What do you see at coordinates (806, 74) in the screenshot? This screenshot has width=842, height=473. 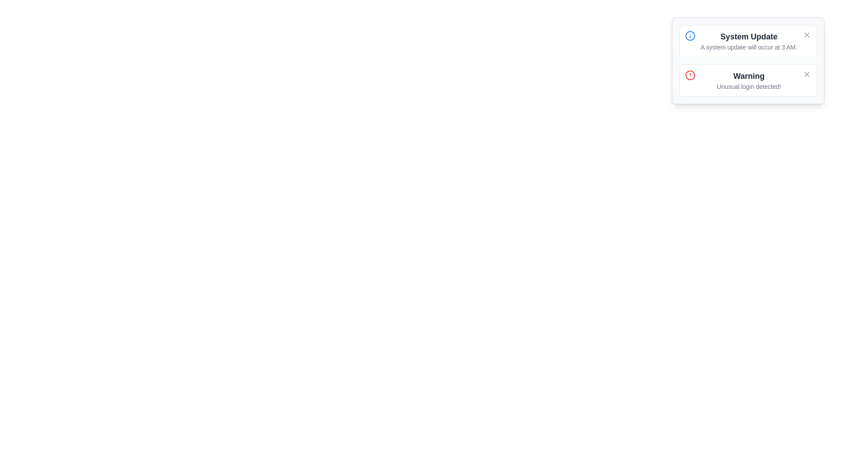 I see `the Close button icon resembling a cross in the top-right corner of the Warning message card` at bounding box center [806, 74].